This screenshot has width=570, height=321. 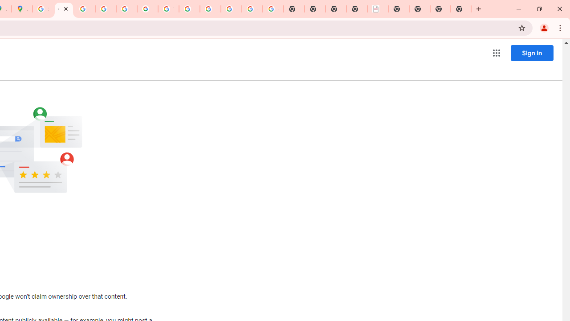 What do you see at coordinates (106, 9) in the screenshot?
I see `'Privacy Help Center - Policies Help'` at bounding box center [106, 9].